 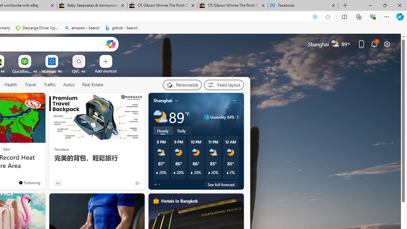 I want to click on 'Enhance video', so click(x=315, y=17).